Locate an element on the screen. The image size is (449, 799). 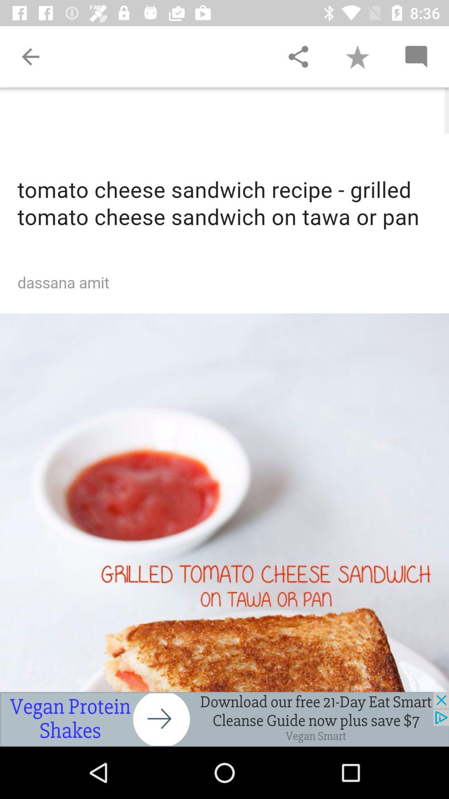
advertisement is located at coordinates (224, 719).